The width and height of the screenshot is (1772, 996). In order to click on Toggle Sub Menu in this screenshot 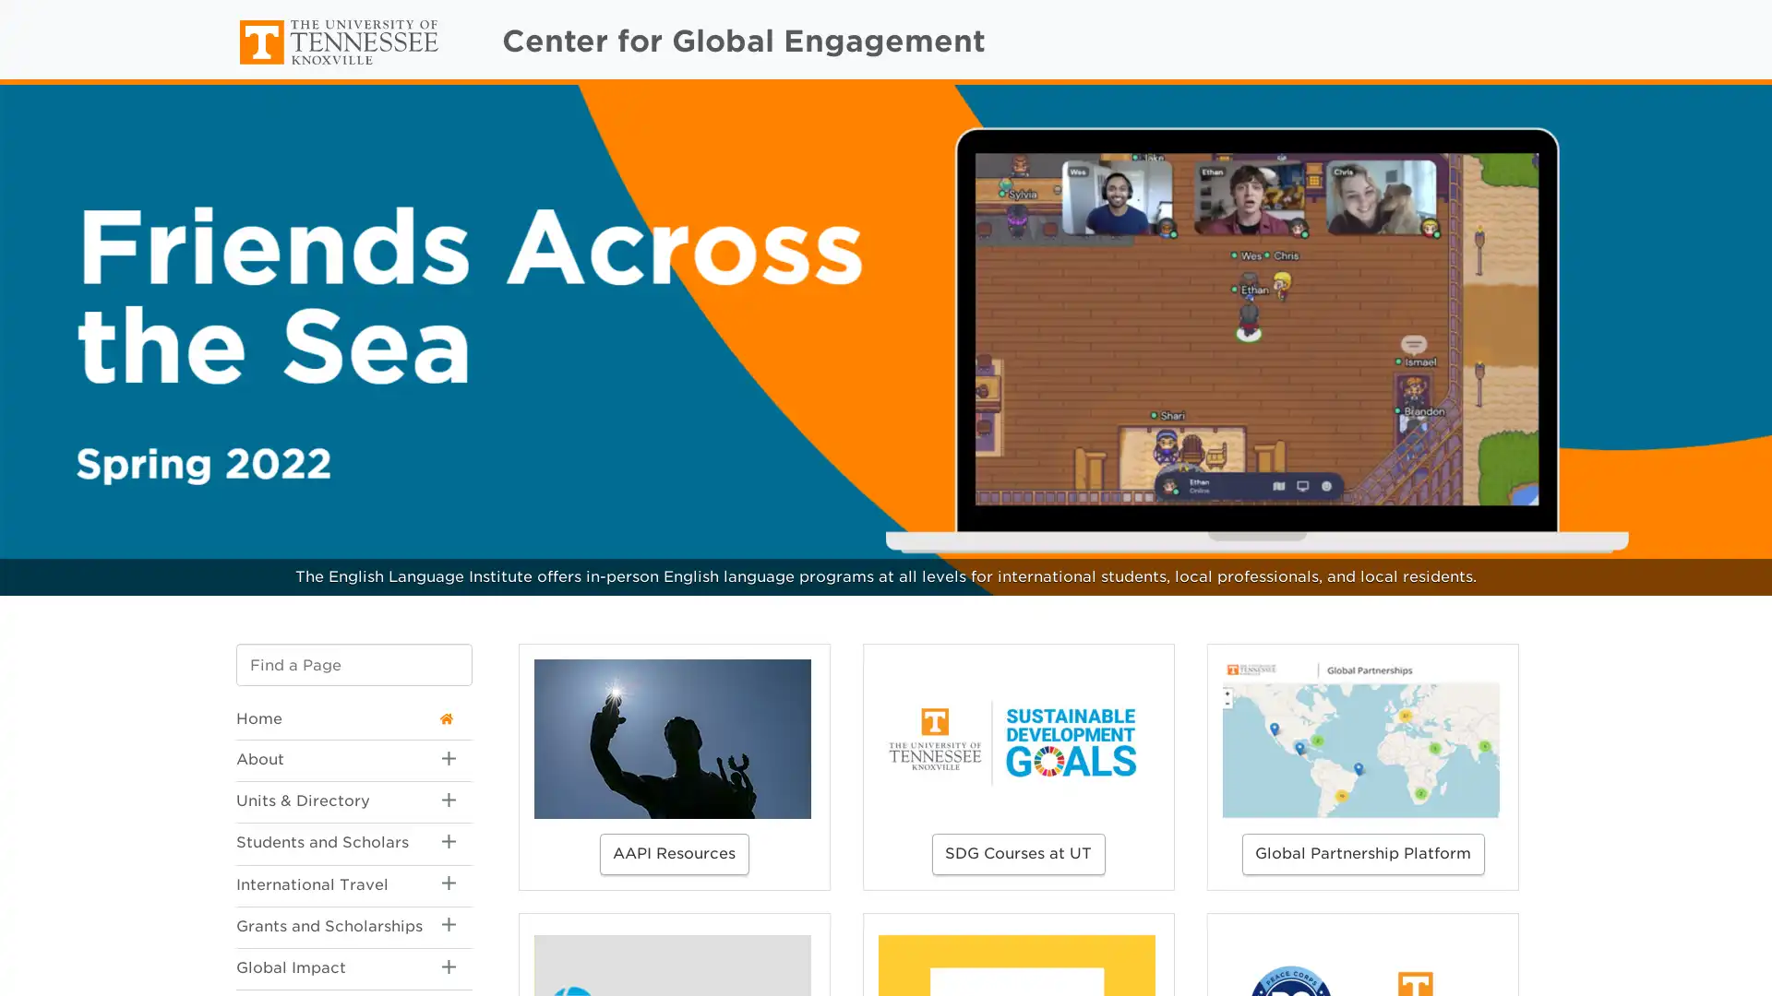, I will do `click(448, 843)`.